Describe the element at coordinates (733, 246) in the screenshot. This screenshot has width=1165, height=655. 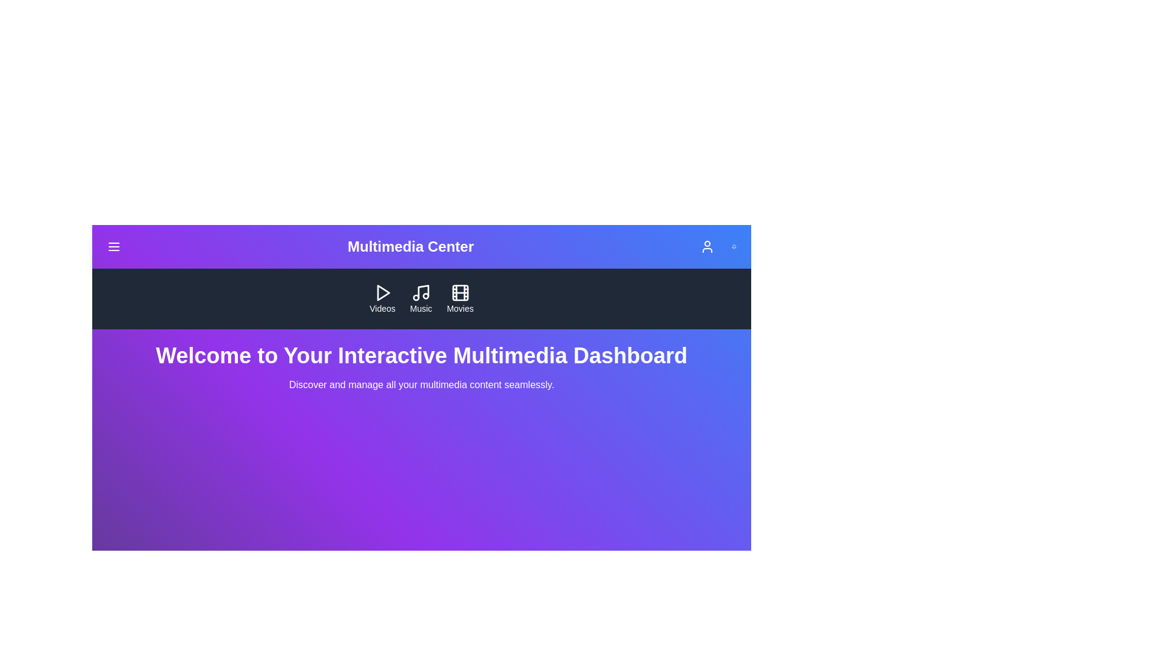
I see `Bell icon located at the top-right corner of the MultimediaAppBar` at that location.